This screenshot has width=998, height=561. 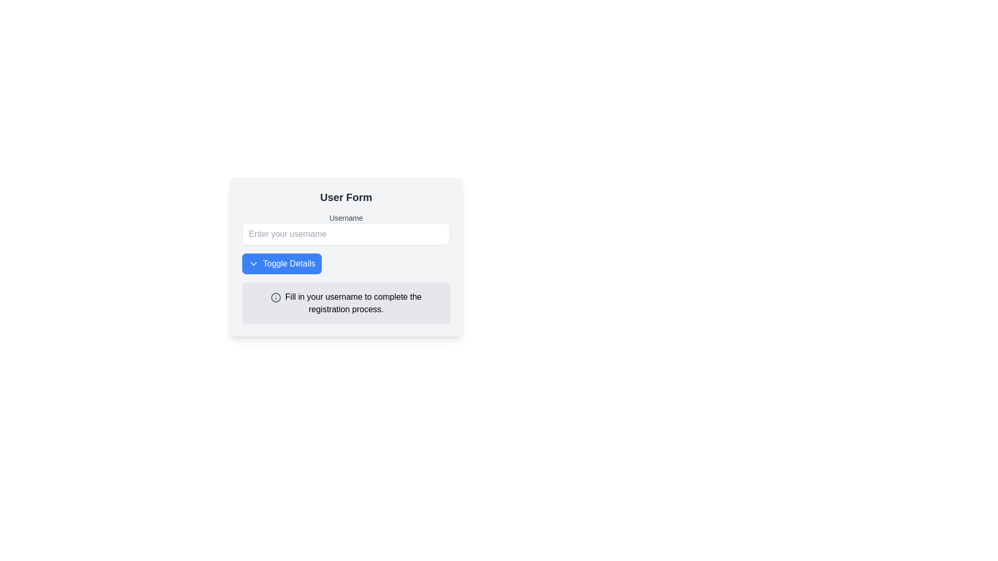 What do you see at coordinates (346, 303) in the screenshot?
I see `the informational text block with an icon that guides the user to complete the registration process, located below the 'Toggle Details' button` at bounding box center [346, 303].